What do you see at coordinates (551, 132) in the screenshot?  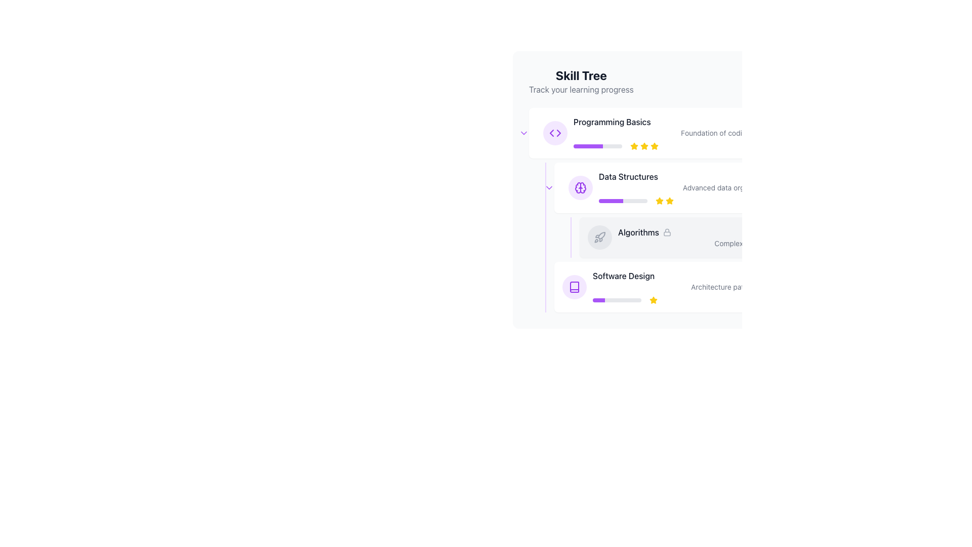 I see `the left-pointing triangular graphical element filled with purple, part of the two-arrow icon to the left of the 'Programming Basics' item in the 'Skill Tree' section` at bounding box center [551, 132].